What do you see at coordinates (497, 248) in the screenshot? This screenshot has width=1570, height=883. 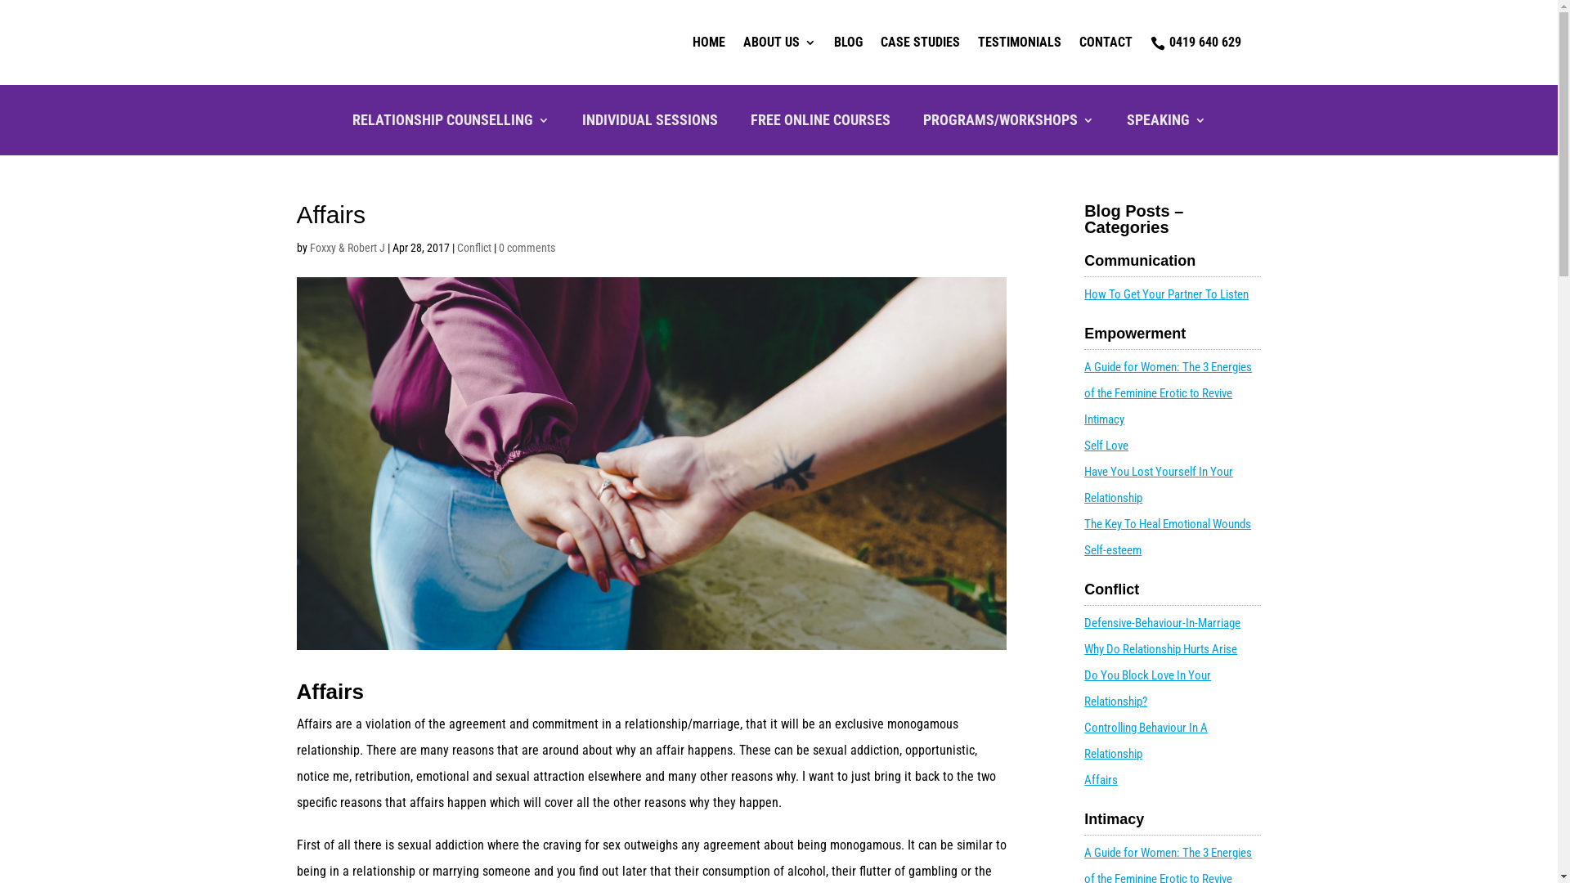 I see `'0 comments'` at bounding box center [497, 248].